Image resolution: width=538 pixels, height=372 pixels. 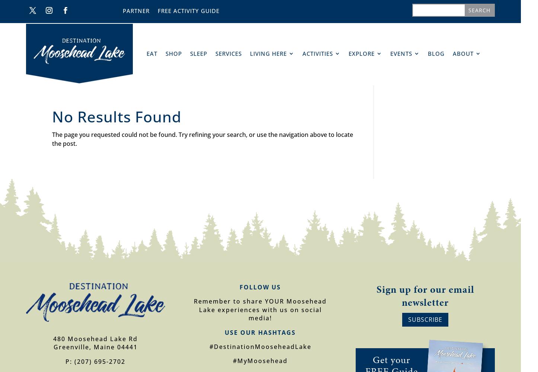 What do you see at coordinates (202, 139) in the screenshot?
I see `'The page you requested could not be found. Try refining your search, or use the navigation above to locate the post.'` at bounding box center [202, 139].